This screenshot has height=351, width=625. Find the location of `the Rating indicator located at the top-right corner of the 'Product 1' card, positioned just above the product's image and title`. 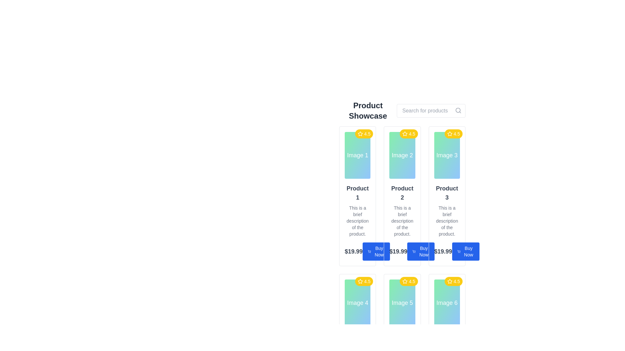

the Rating indicator located at the top-right corner of the 'Product 1' card, positioned just above the product's image and title is located at coordinates (364, 134).